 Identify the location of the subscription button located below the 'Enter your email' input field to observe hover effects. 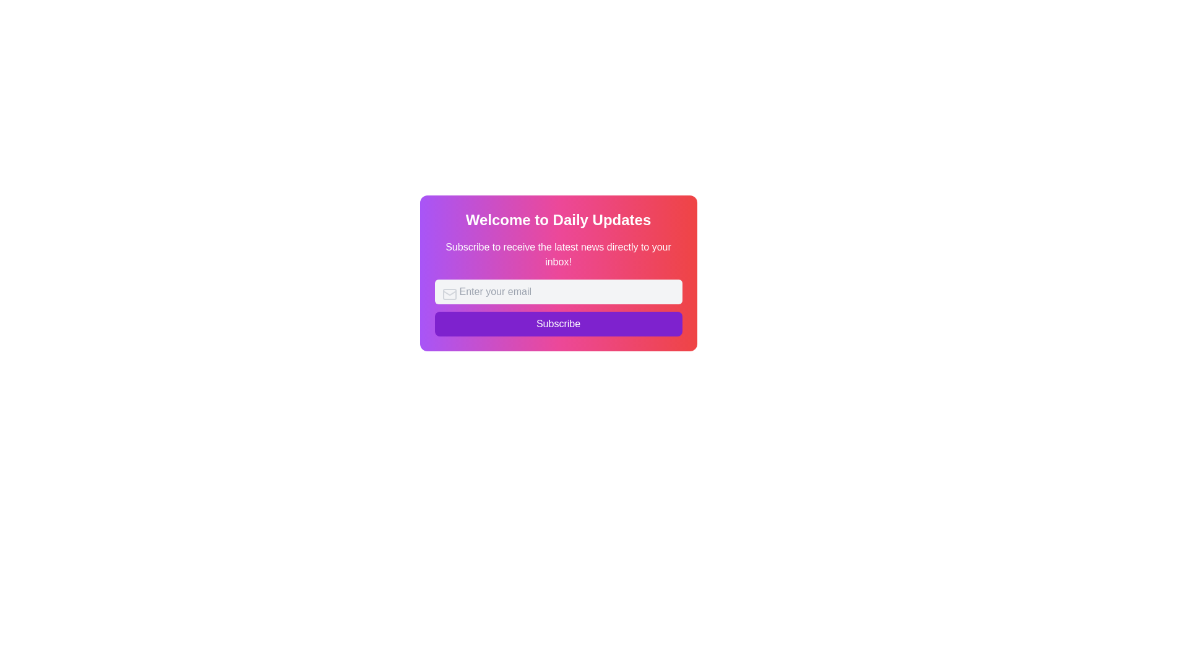
(557, 307).